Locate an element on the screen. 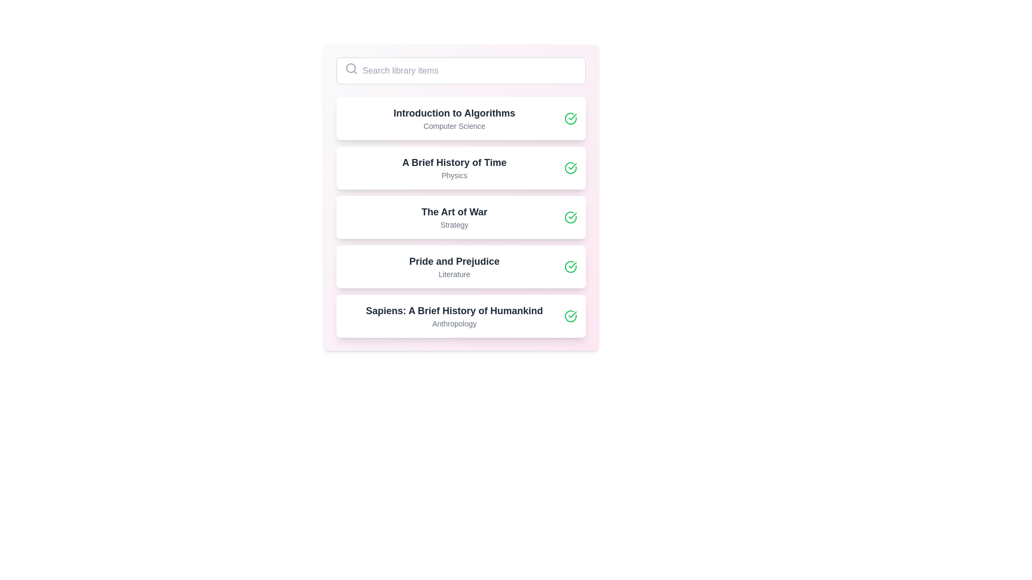  the Text Label that serves as the title for the book 'A Brief History of Time', which is located above the text 'Physics' in the second card of a vertical list is located at coordinates (454, 163).